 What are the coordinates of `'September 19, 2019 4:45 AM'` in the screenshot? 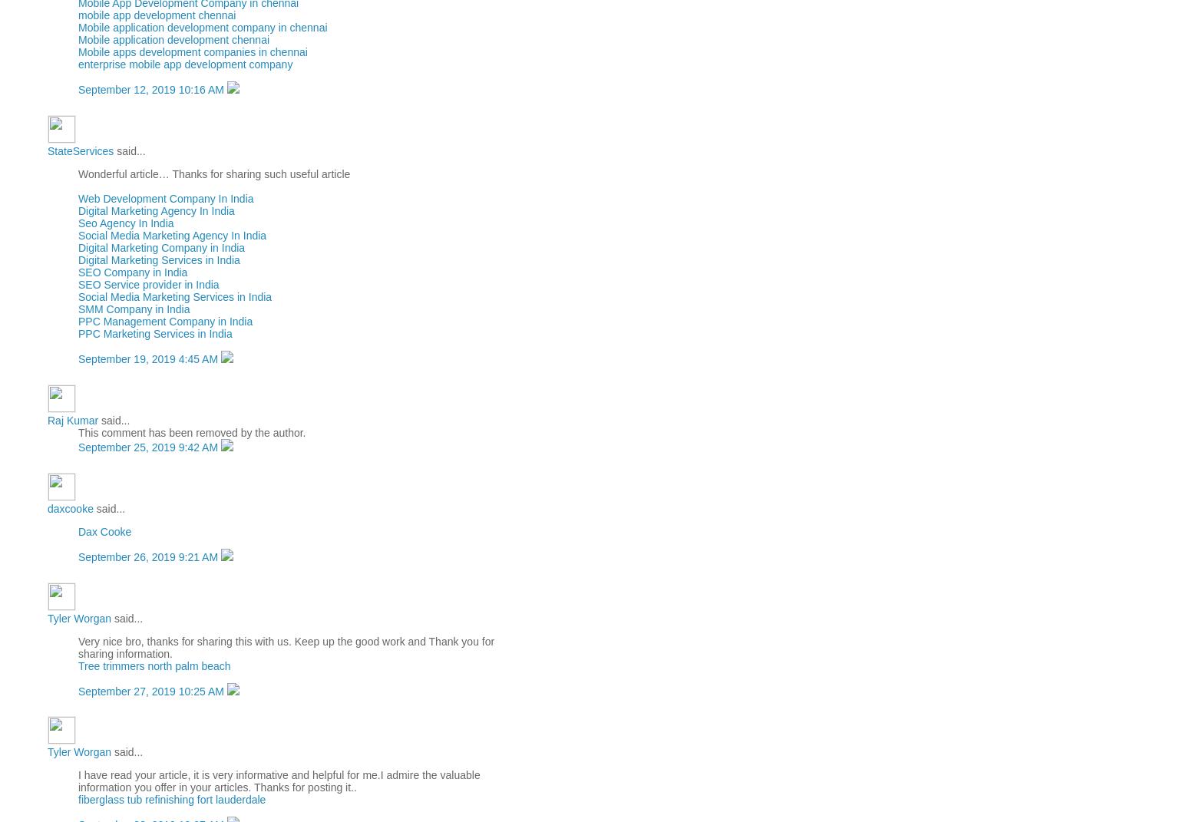 It's located at (149, 358).